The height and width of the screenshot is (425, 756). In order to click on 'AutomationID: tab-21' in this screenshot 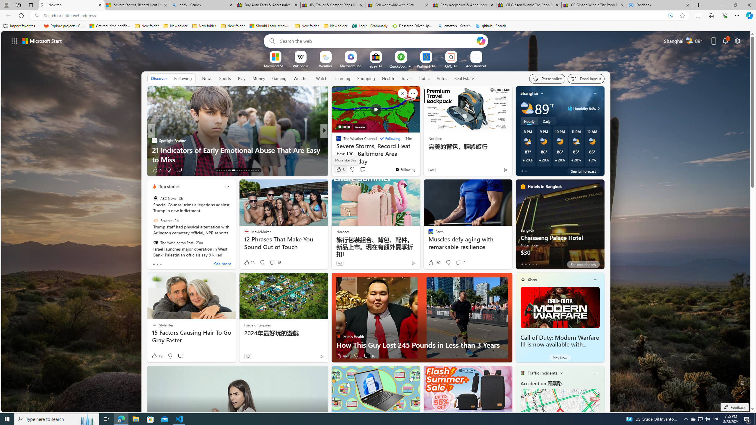, I will do `click(239, 170)`.